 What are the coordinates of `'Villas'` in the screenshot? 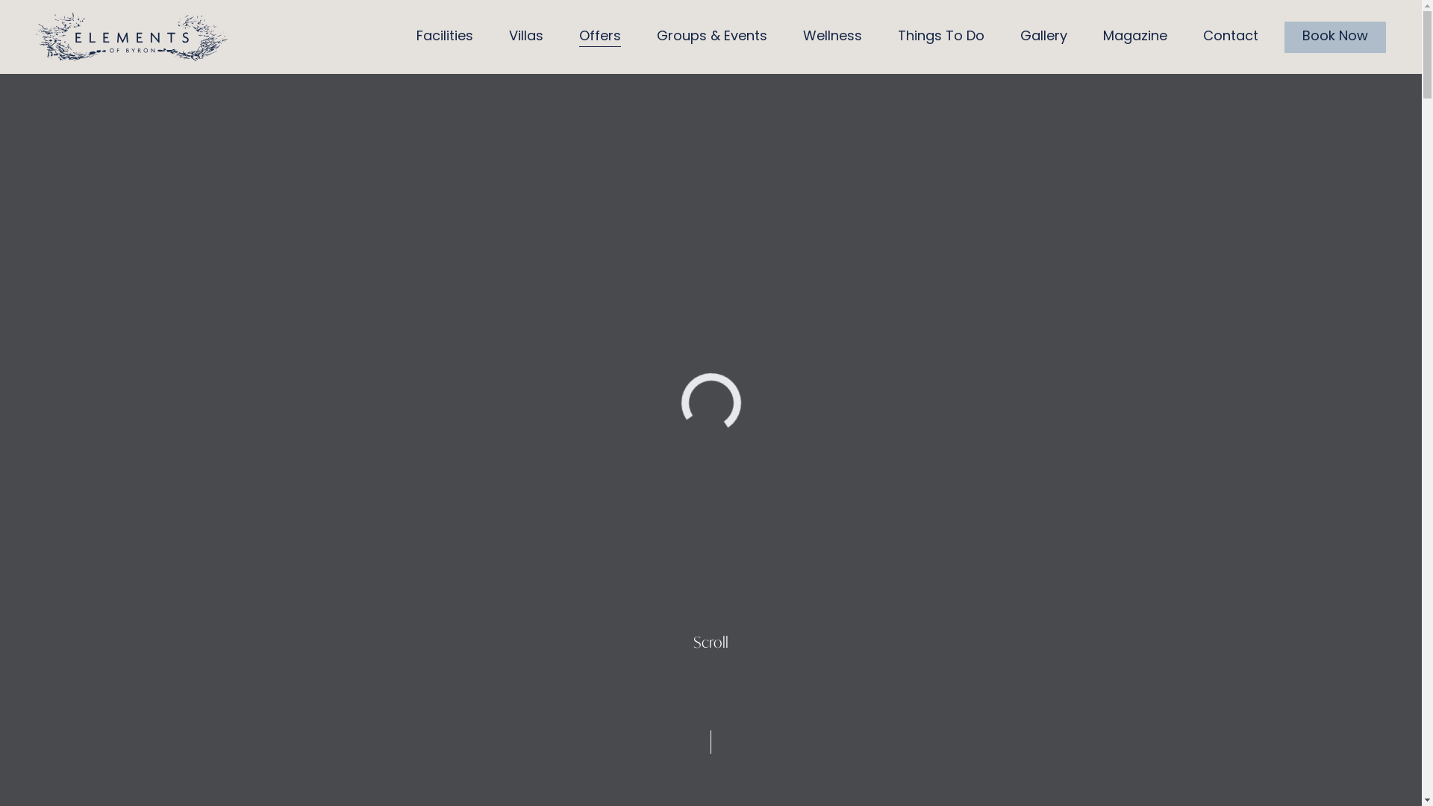 It's located at (526, 37).